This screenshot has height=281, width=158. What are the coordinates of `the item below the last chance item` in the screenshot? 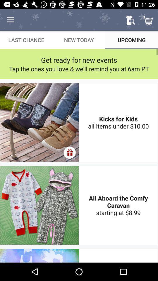 It's located at (79, 60).